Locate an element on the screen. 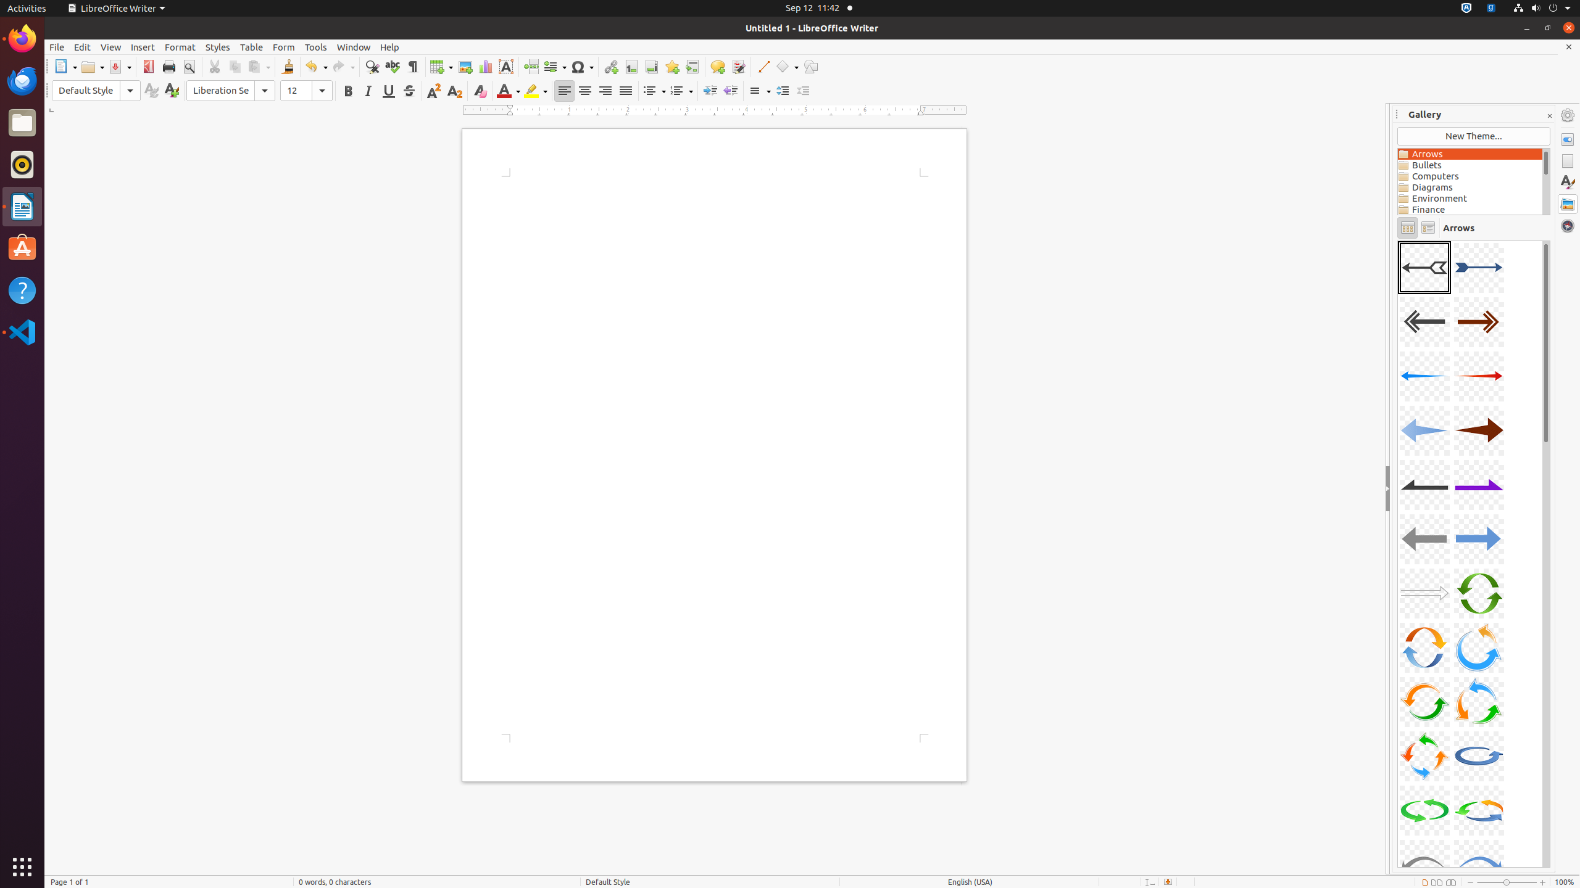 This screenshot has width=1580, height=888. 'Thunderbird Mail' is located at coordinates (22, 80).